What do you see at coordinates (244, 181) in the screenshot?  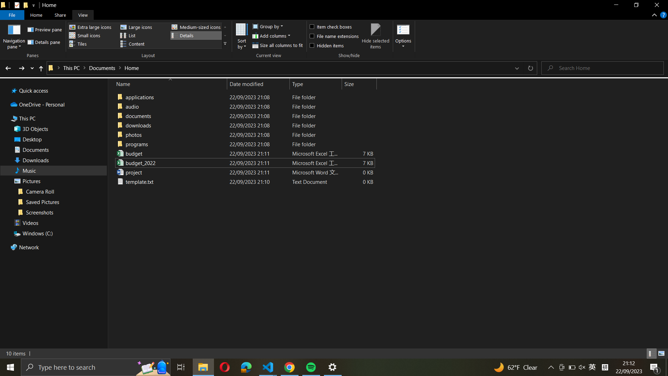 I see `Copy "template.txt" into the "downloads" folder of this same directory only using keyboard shortcuts` at bounding box center [244, 181].